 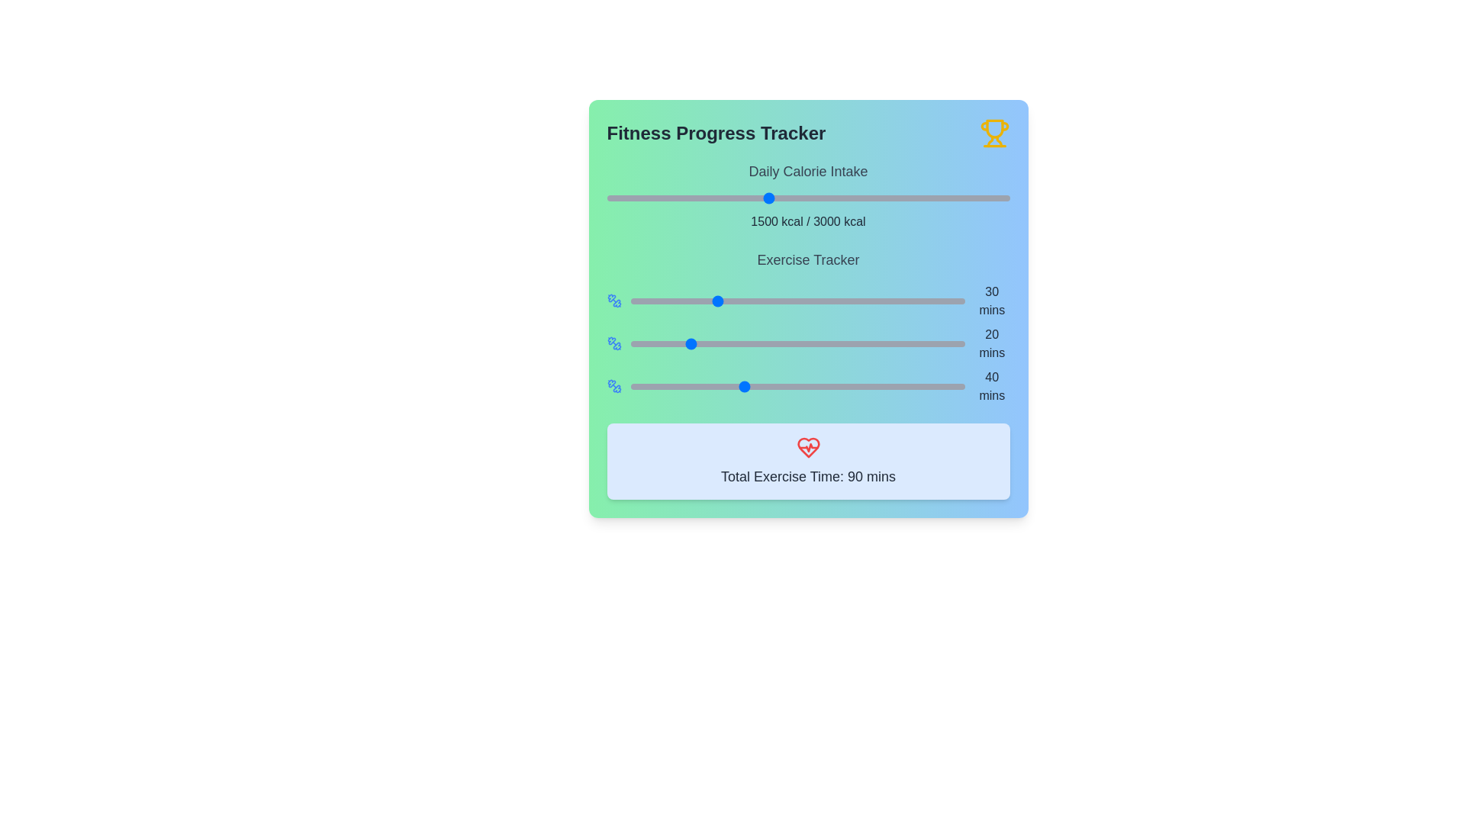 What do you see at coordinates (715, 132) in the screenshot?
I see `the bold title text 'Fitness Progress Tracker' styled in a large font size with dark gray color, located at the top of the content area with a gradient background` at bounding box center [715, 132].